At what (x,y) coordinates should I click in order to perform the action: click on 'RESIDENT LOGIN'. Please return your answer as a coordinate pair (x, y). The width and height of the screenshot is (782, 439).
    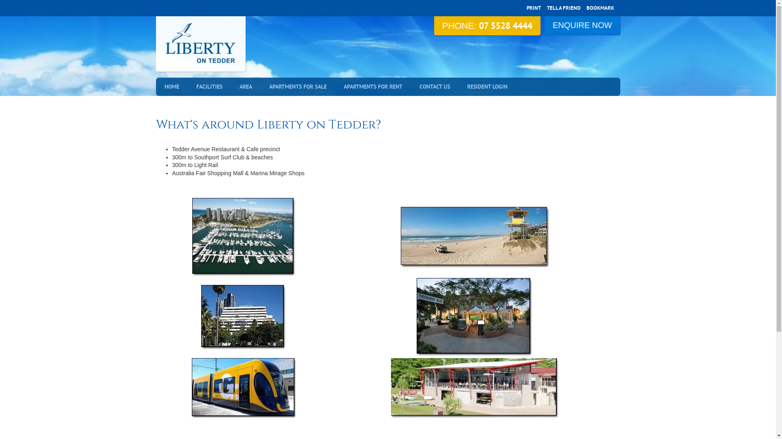
    Looking at the image, I should click on (467, 87).